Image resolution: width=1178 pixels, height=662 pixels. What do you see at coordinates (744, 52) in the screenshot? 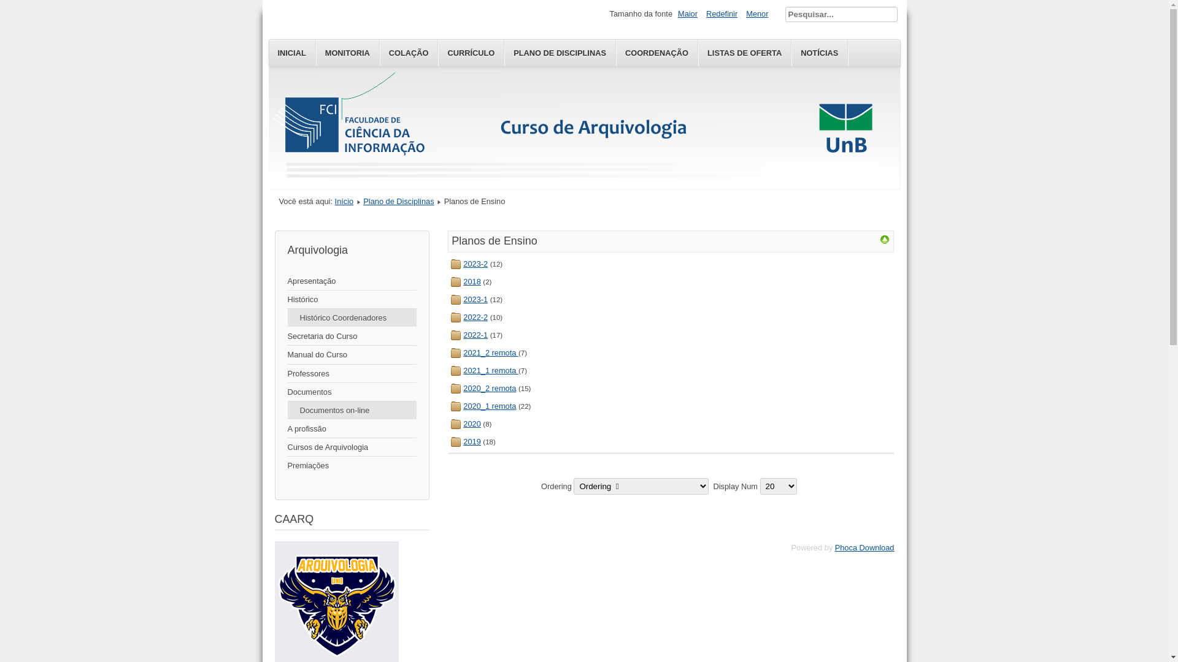
I see `'LISTAS DE OFERTA'` at bounding box center [744, 52].